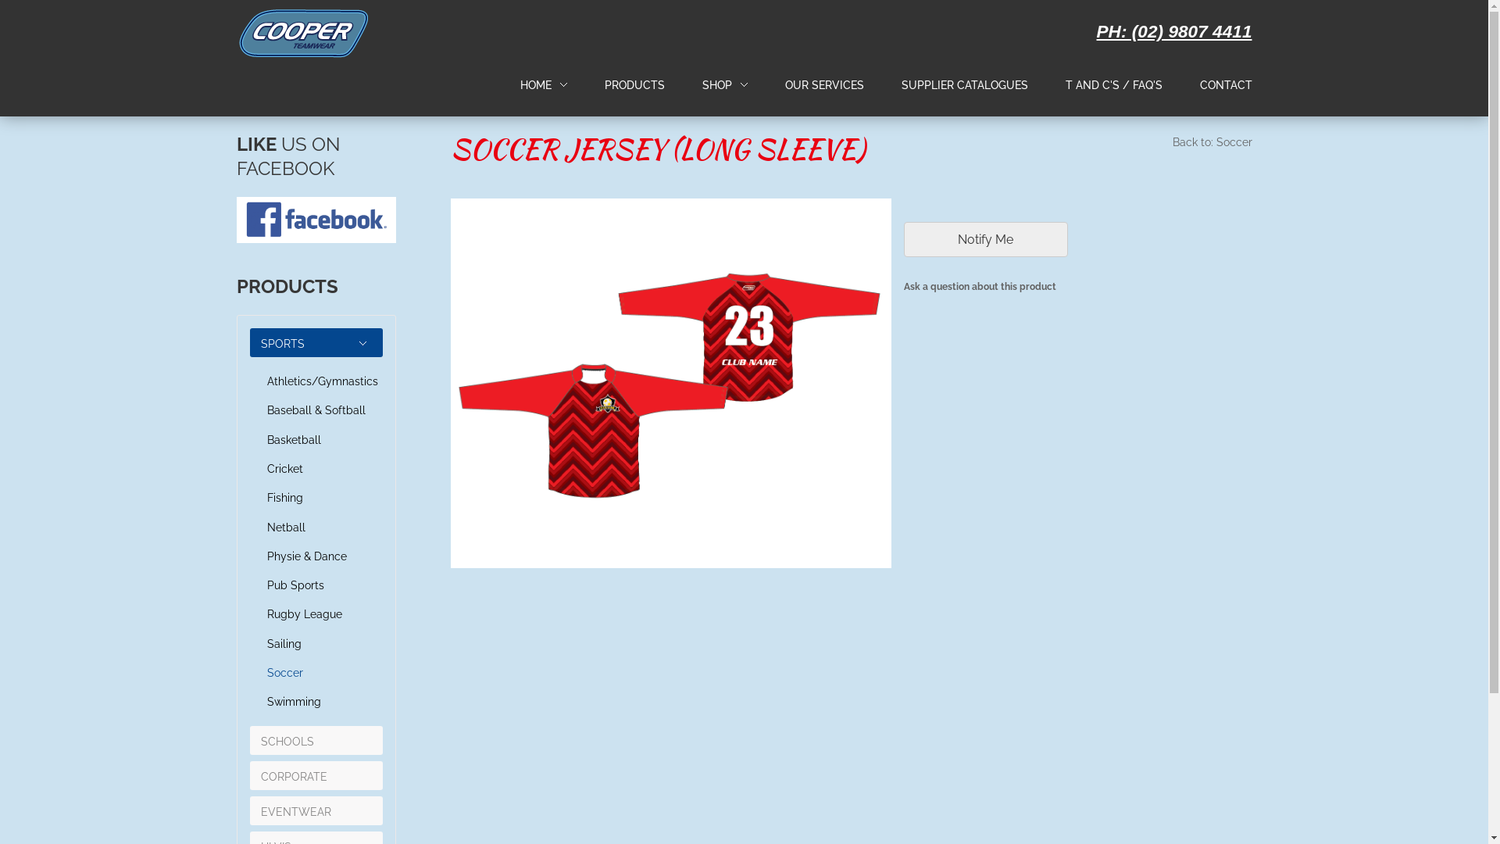 The image size is (1500, 844). What do you see at coordinates (315, 701) in the screenshot?
I see `'Swimming'` at bounding box center [315, 701].